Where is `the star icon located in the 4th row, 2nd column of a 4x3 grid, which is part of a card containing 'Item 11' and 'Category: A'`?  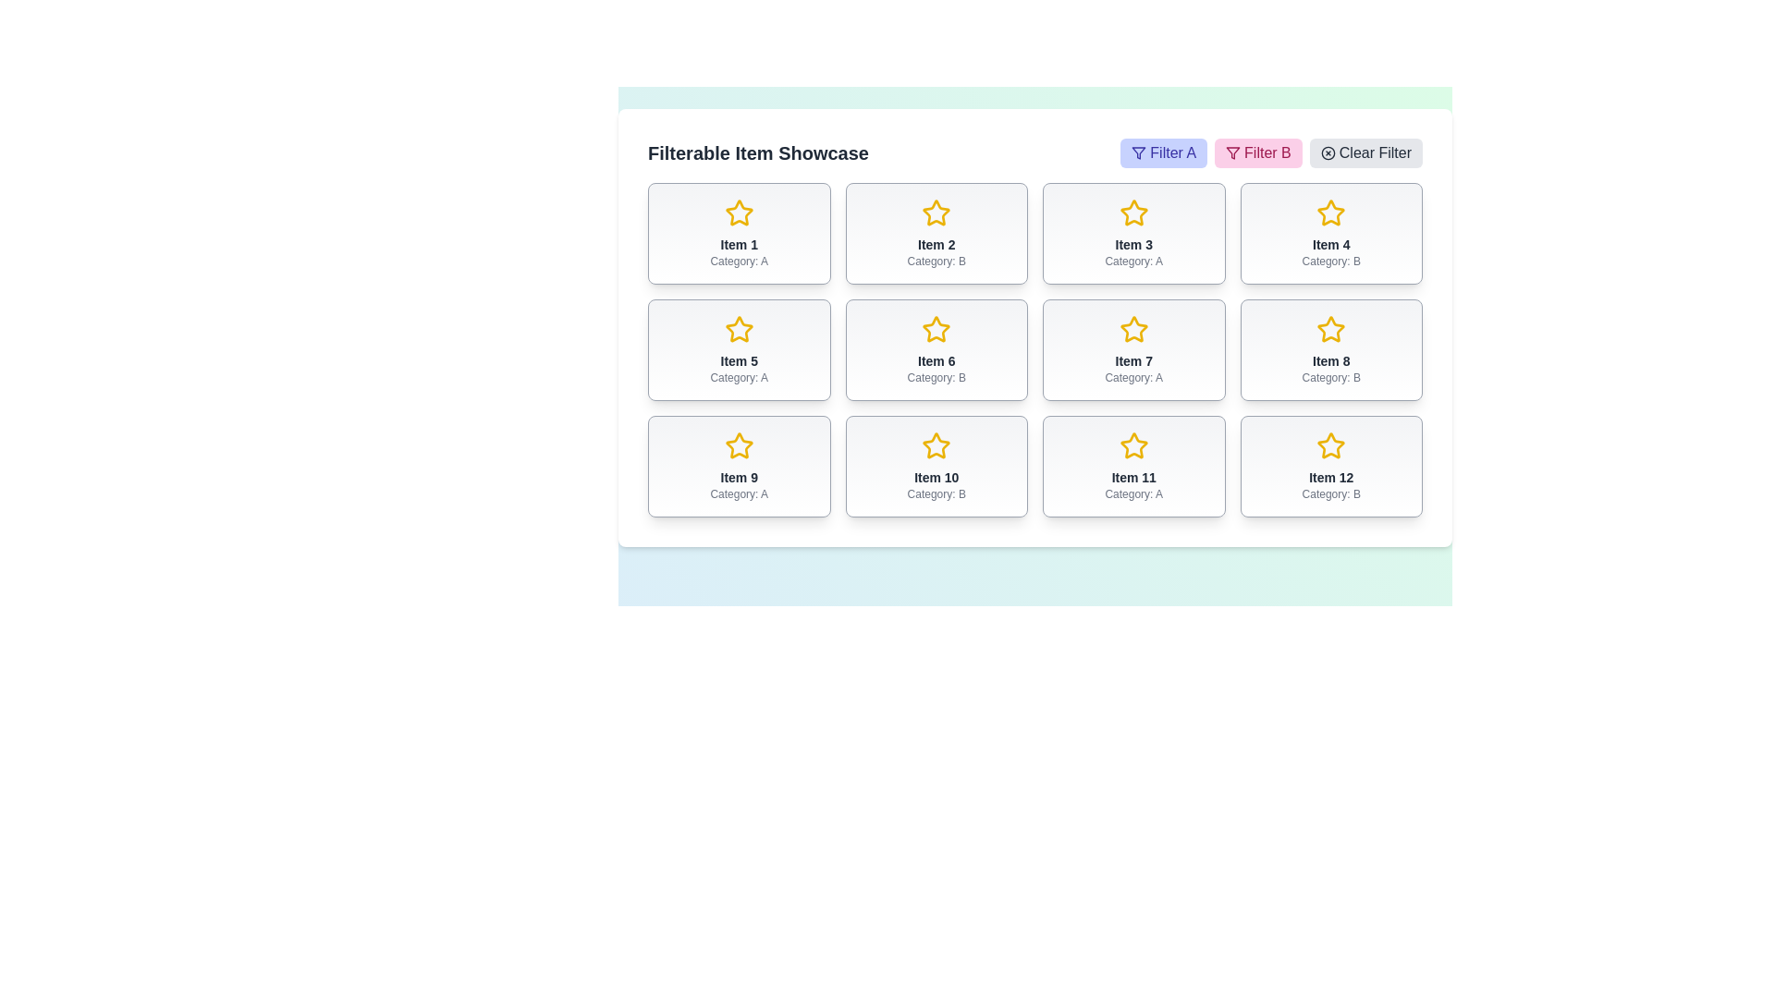
the star icon located in the 4th row, 2nd column of a 4x3 grid, which is part of a card containing 'Item 11' and 'Category: A' is located at coordinates (1132, 445).